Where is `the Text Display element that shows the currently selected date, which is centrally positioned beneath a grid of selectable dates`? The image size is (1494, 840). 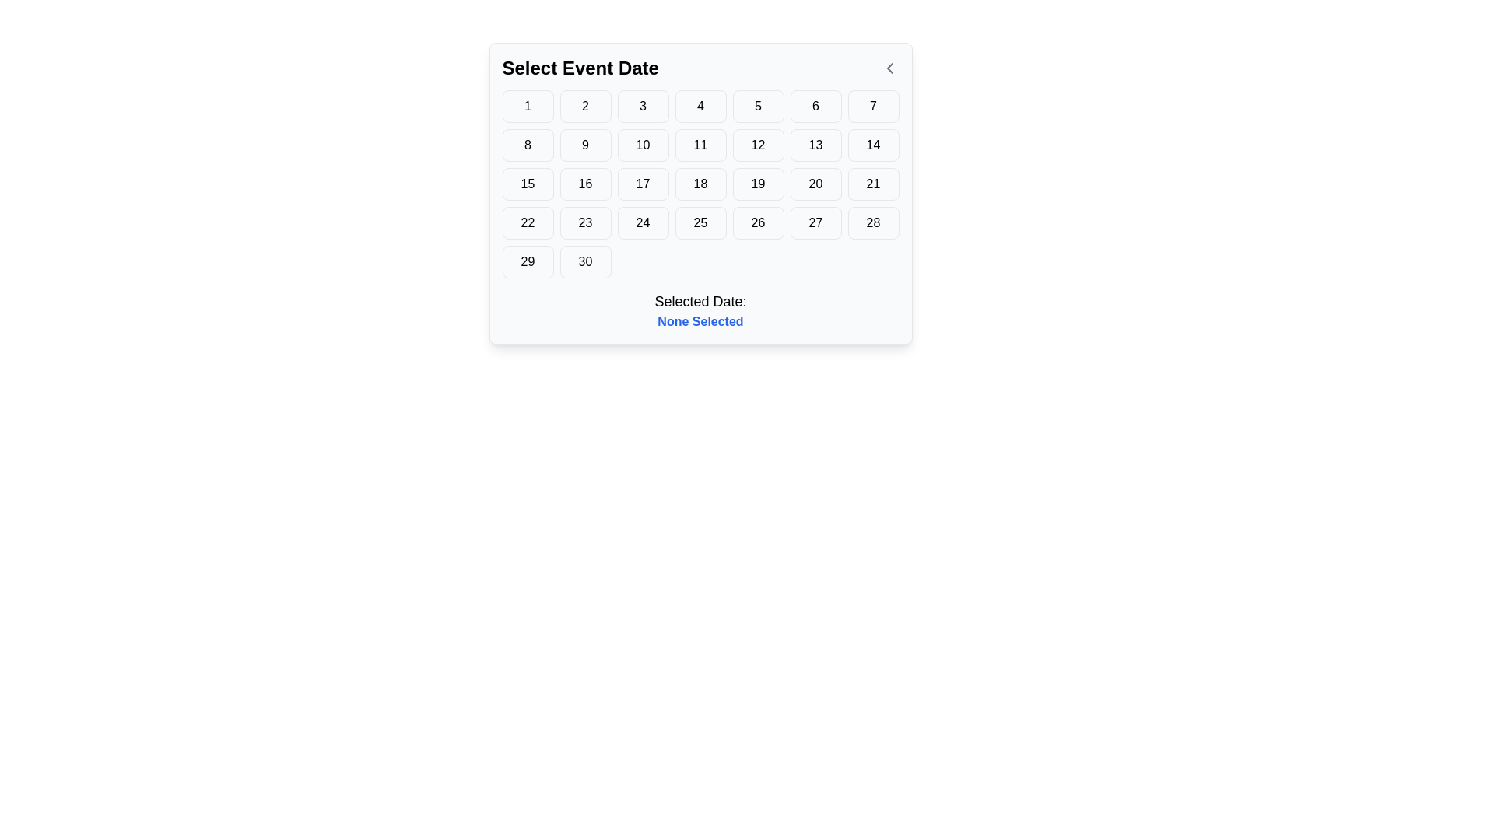
the Text Display element that shows the currently selected date, which is centrally positioned beneath a grid of selectable dates is located at coordinates (700, 311).